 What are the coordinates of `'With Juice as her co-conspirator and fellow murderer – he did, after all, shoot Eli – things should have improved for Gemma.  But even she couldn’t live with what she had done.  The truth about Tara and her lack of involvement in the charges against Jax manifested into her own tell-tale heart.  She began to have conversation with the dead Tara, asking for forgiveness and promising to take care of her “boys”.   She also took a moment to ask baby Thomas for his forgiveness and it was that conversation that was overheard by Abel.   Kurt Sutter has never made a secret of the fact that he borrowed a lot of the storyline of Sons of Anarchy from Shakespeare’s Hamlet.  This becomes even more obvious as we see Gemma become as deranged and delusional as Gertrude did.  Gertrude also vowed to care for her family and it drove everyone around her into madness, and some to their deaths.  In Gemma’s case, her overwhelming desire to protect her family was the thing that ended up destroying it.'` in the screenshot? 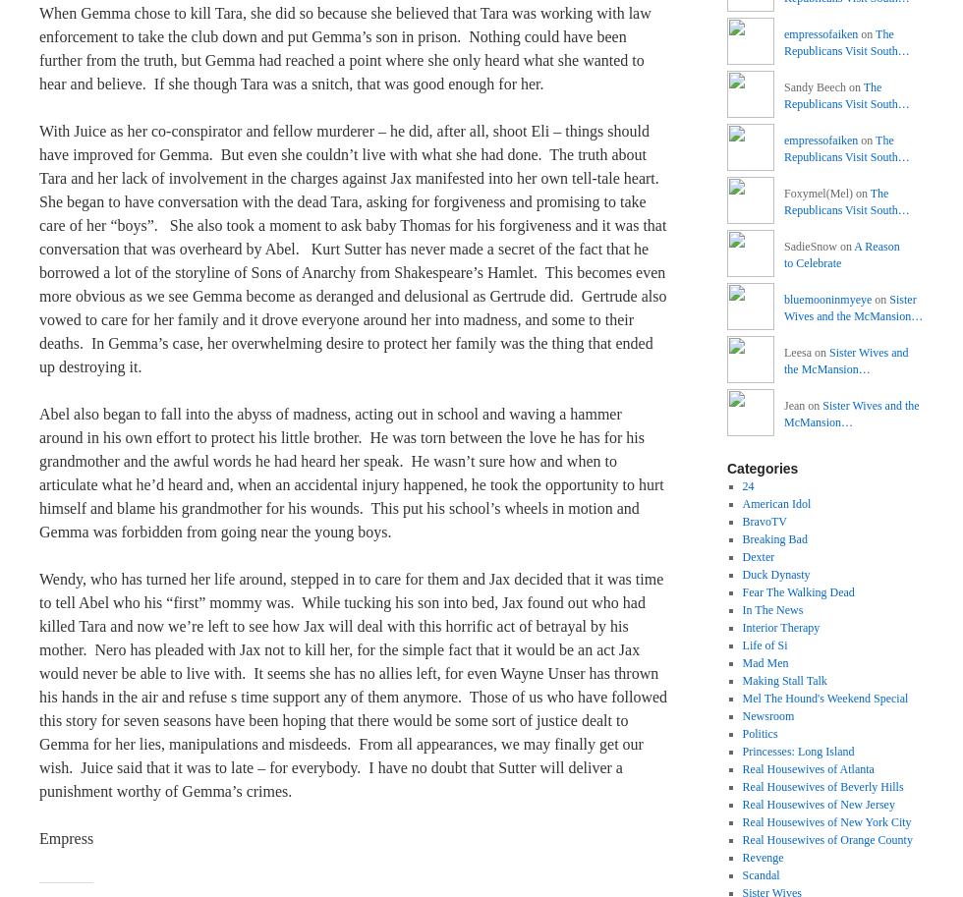 It's located at (352, 249).